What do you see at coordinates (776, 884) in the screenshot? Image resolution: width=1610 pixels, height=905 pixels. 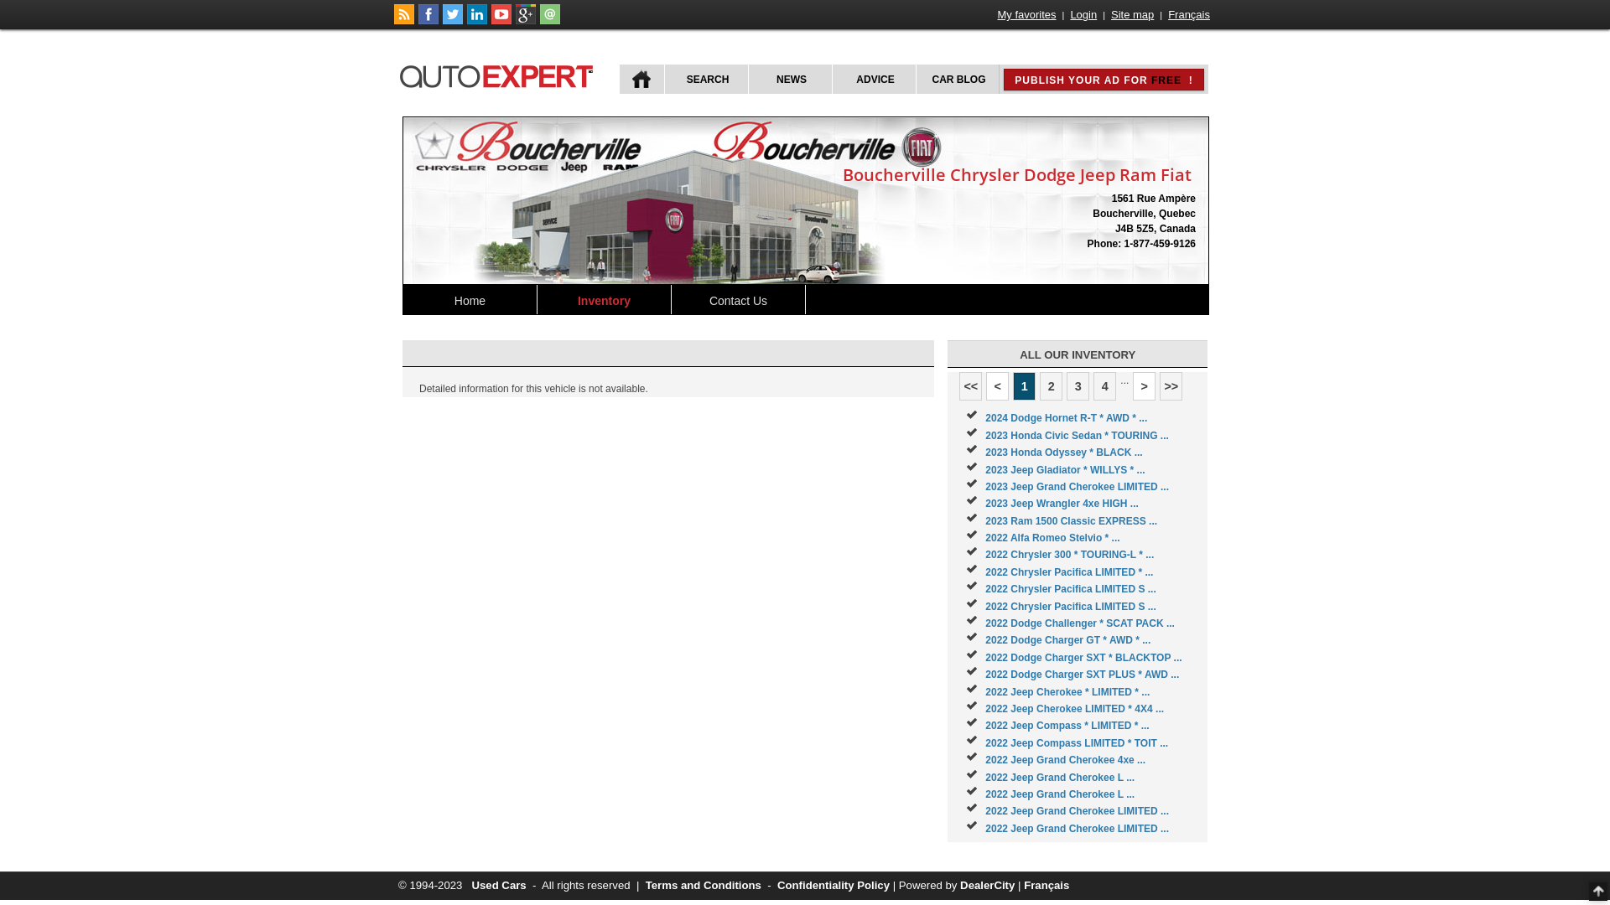 I see `'Confidentiality Policy'` at bounding box center [776, 884].